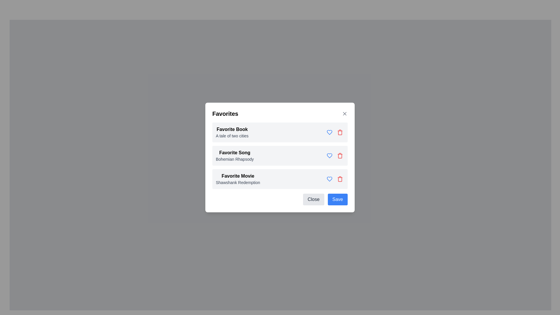 The height and width of the screenshot is (315, 560). I want to click on the bold text label reading 'Favorite Book' which is part of the list under the 'Favorites' title, so click(232, 129).